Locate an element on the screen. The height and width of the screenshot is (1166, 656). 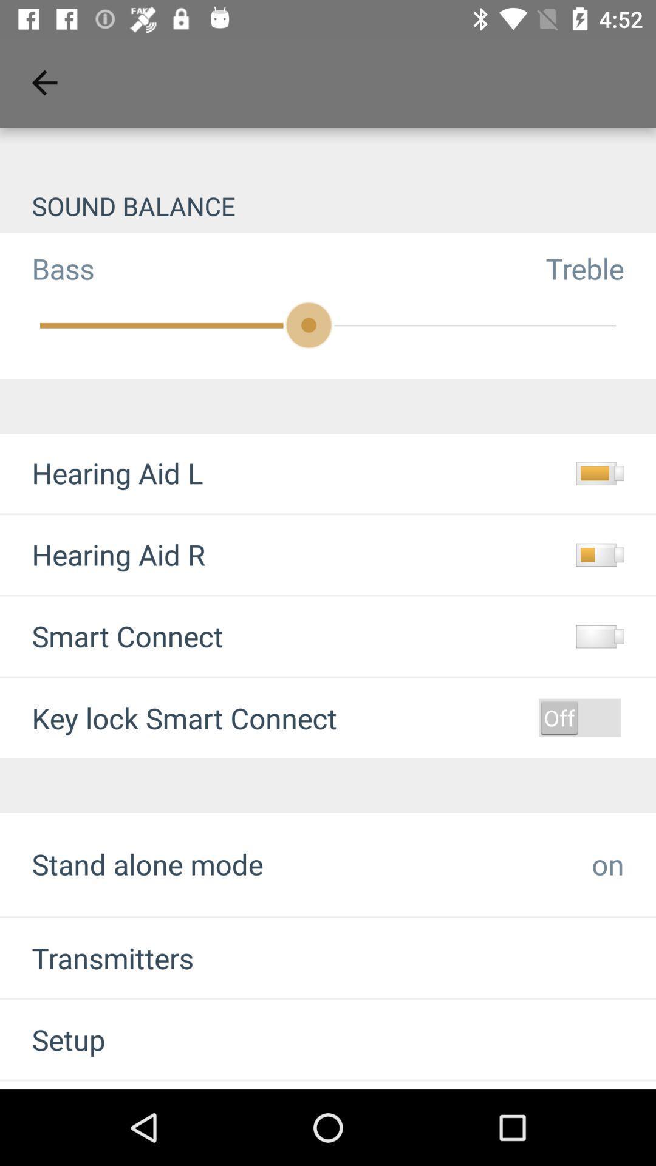
icon next to the key lock smart item is located at coordinates (579, 717).